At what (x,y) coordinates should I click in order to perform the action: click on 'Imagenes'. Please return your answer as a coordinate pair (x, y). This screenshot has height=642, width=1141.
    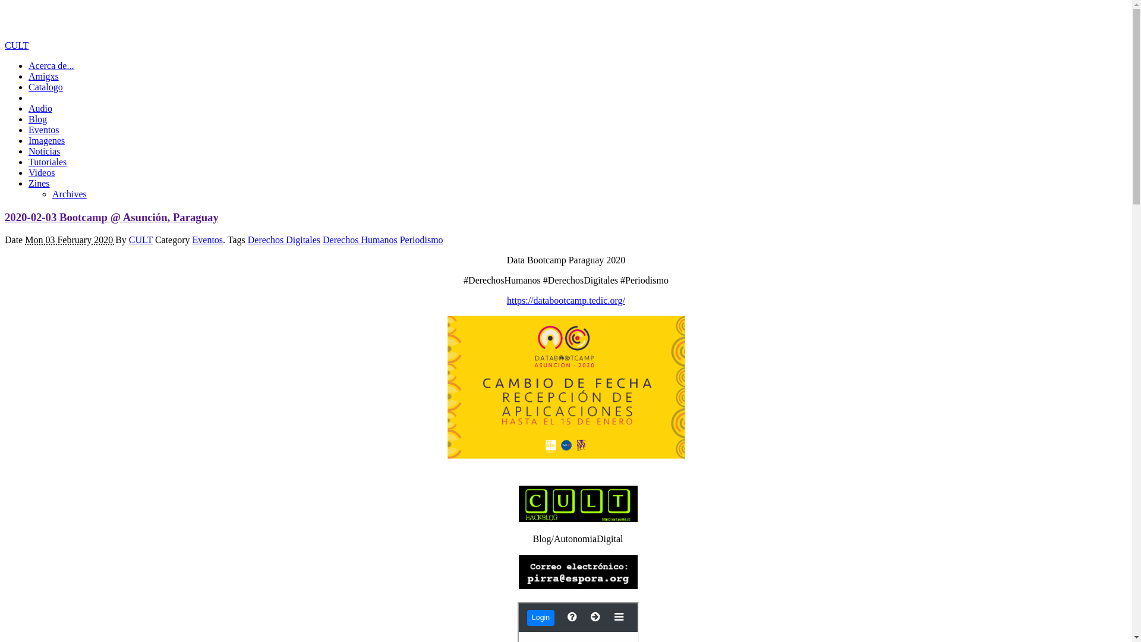
    Looking at the image, I should click on (46, 140).